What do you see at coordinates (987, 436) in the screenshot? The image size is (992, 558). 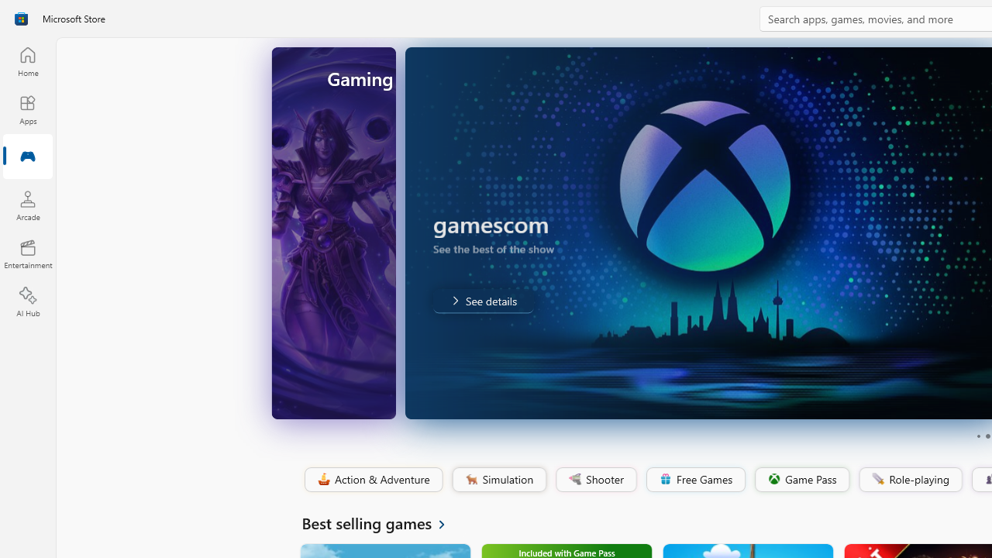 I see `'Page 2'` at bounding box center [987, 436].